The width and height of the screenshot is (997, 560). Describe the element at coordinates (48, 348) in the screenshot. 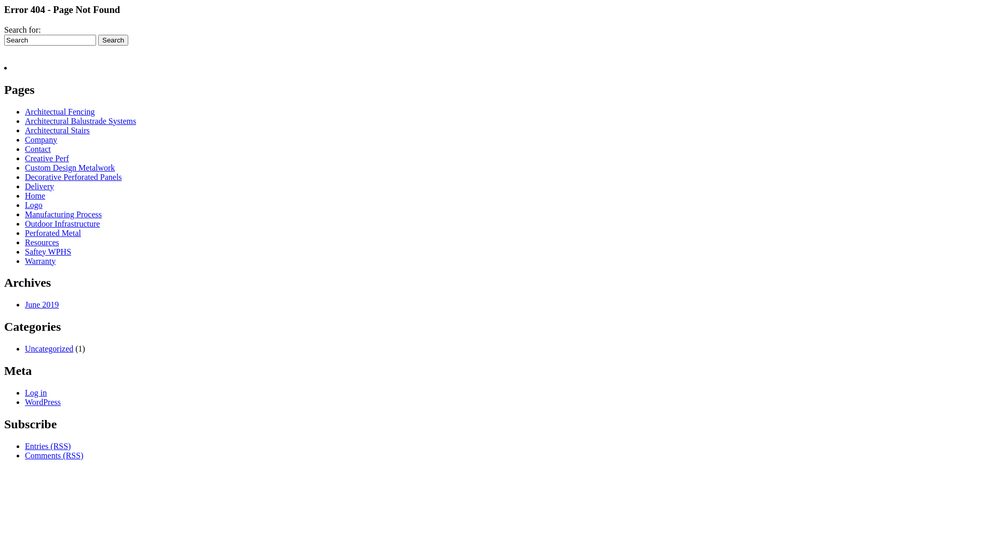

I see `'Uncategorized'` at that location.